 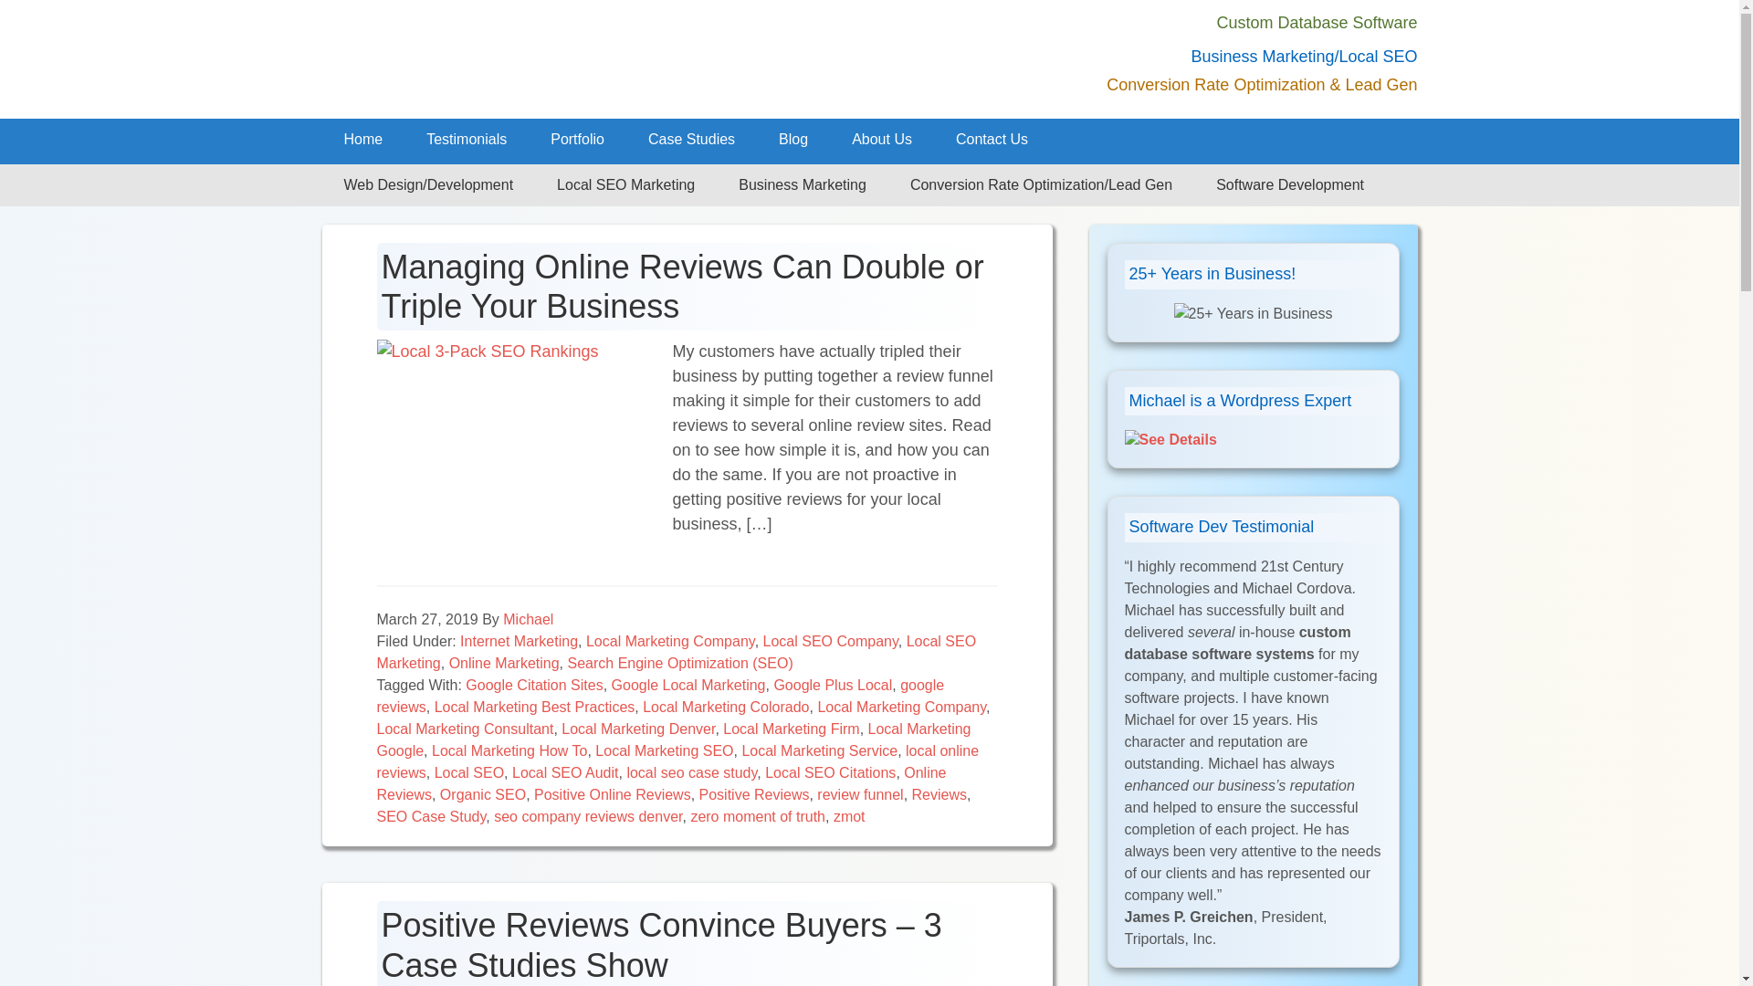 What do you see at coordinates (1252, 312) in the screenshot?
I see `'25+ Years in Business'` at bounding box center [1252, 312].